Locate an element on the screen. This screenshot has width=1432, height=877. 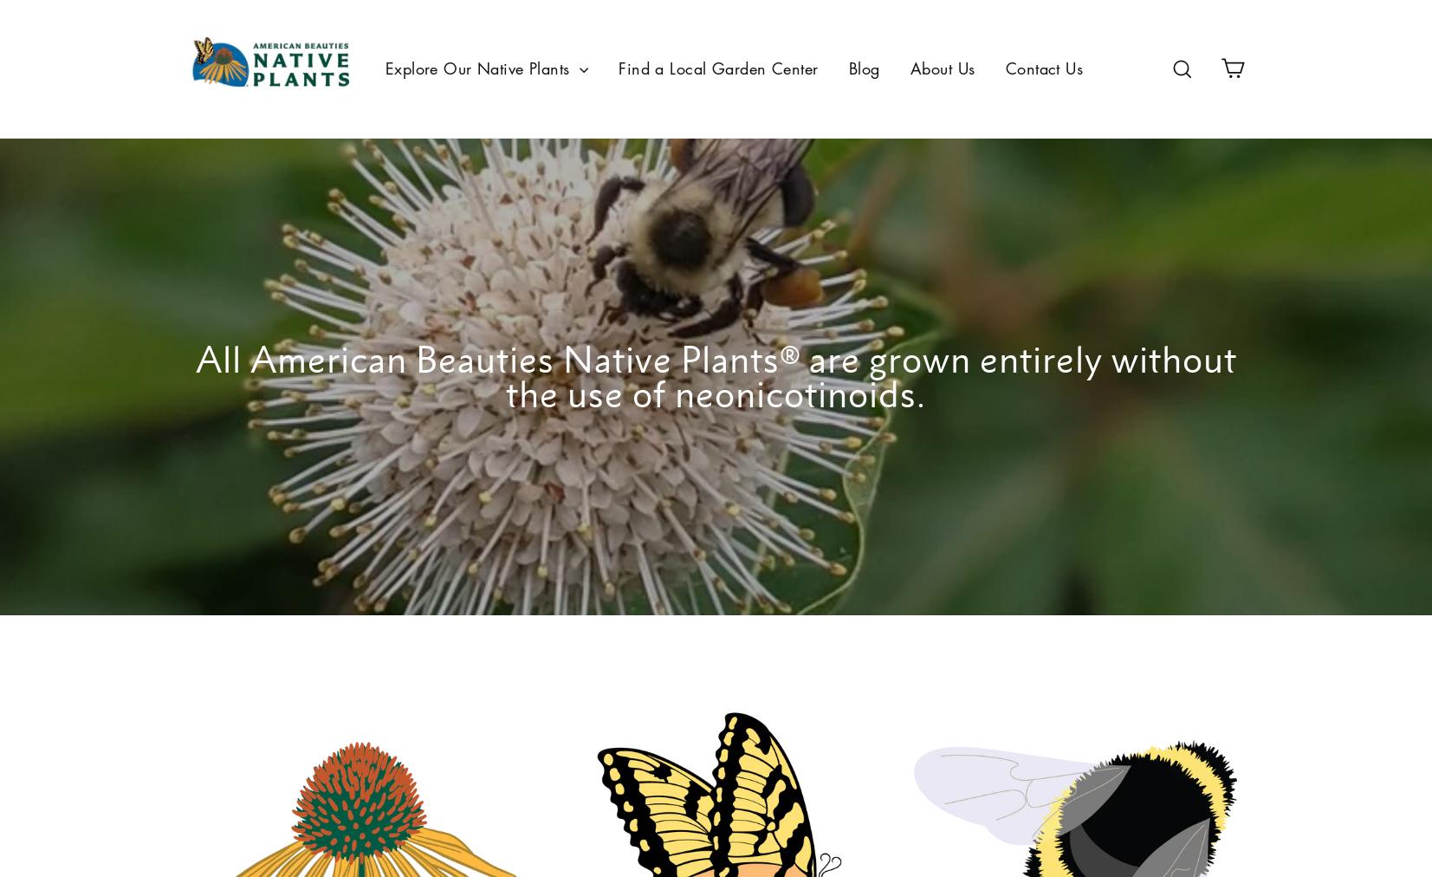
'Blog' is located at coordinates (863, 67).